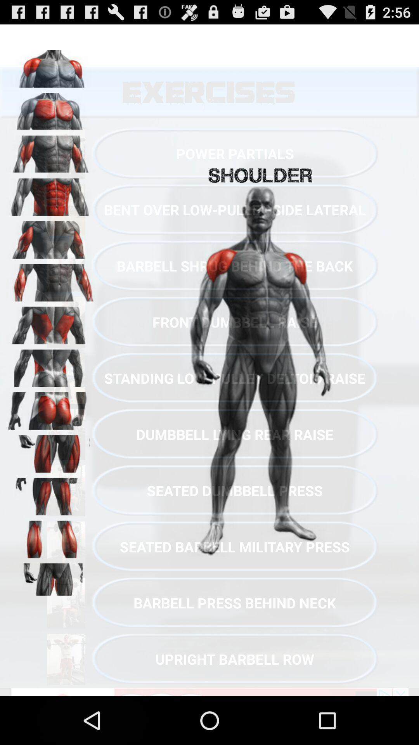 The image size is (419, 745). I want to click on chooses the shoulder option, so click(51, 66).